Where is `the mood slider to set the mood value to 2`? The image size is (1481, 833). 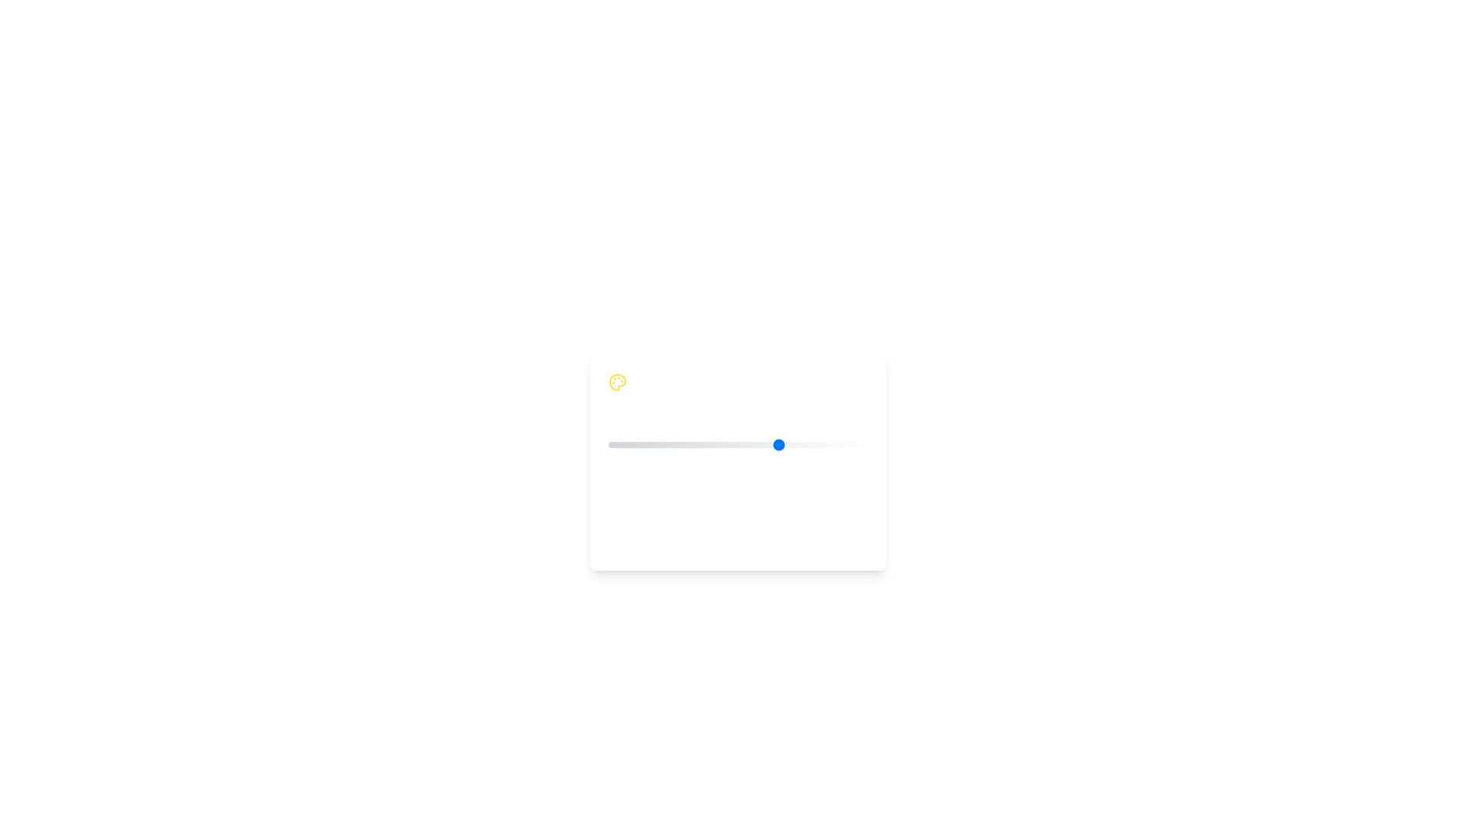 the mood slider to set the mood value to 2 is located at coordinates (694, 445).